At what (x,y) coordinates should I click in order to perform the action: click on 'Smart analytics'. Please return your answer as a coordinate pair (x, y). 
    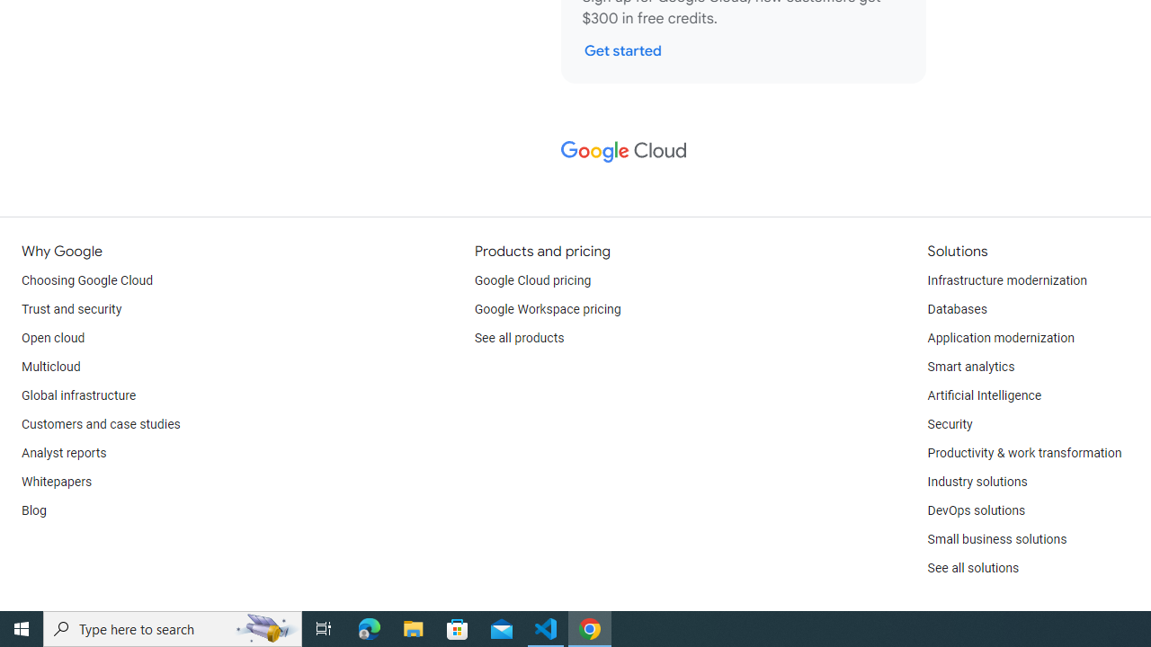
    Looking at the image, I should click on (969, 366).